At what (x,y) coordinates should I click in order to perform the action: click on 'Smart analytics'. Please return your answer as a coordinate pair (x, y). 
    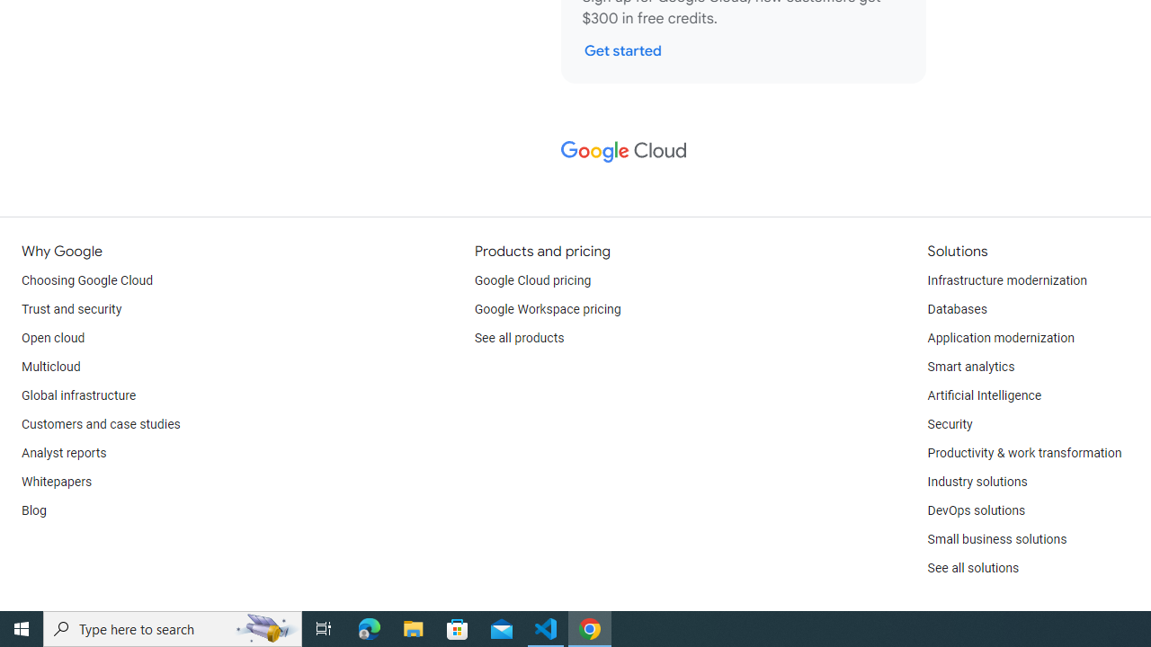
    Looking at the image, I should click on (969, 366).